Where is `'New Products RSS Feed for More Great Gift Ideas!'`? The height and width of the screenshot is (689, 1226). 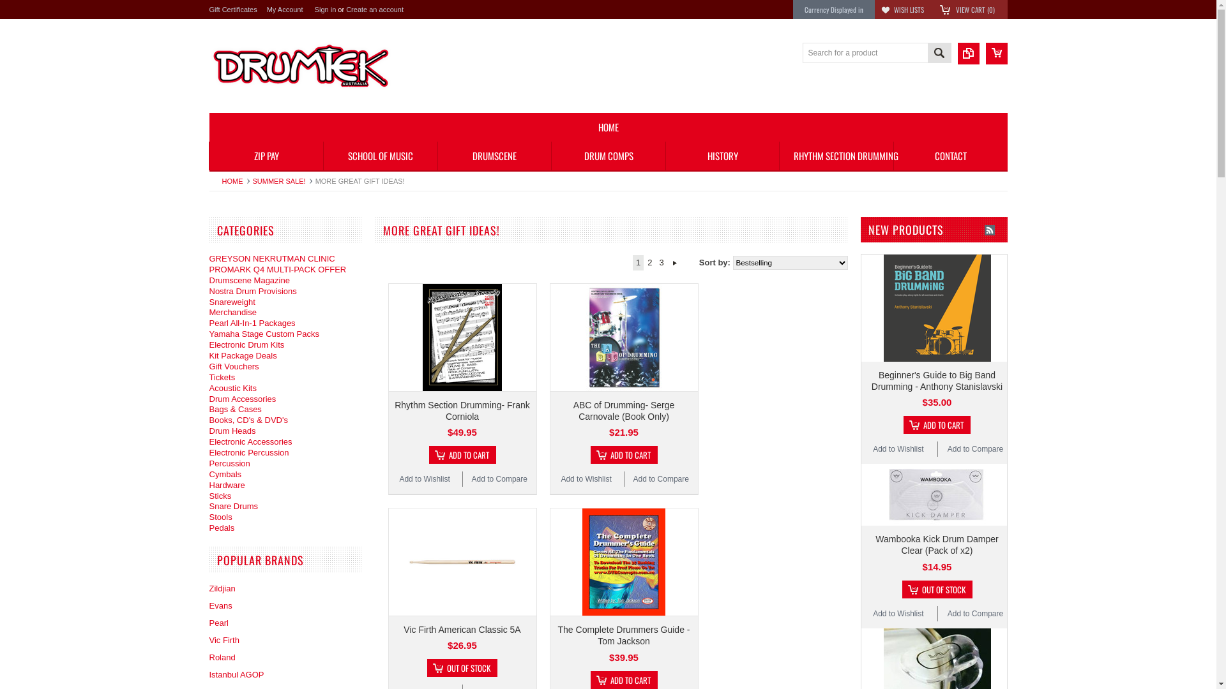
'New Products RSS Feed for More Great Gift Ideas!' is located at coordinates (989, 230).